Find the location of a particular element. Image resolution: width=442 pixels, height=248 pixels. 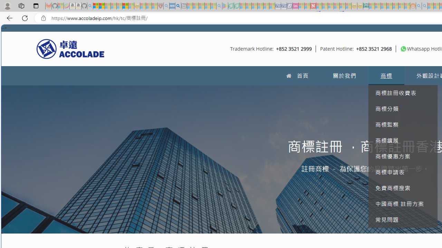

'Microsoft-Report a Concern to Bing - Sleeping' is located at coordinates (61, 6).